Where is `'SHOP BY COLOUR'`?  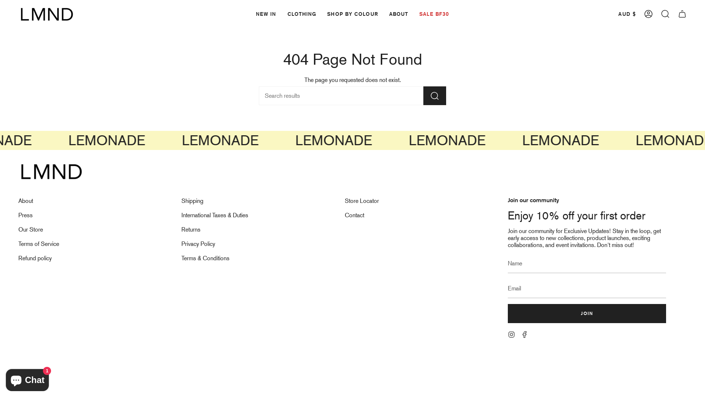
'SHOP BY COLOUR' is located at coordinates (352, 14).